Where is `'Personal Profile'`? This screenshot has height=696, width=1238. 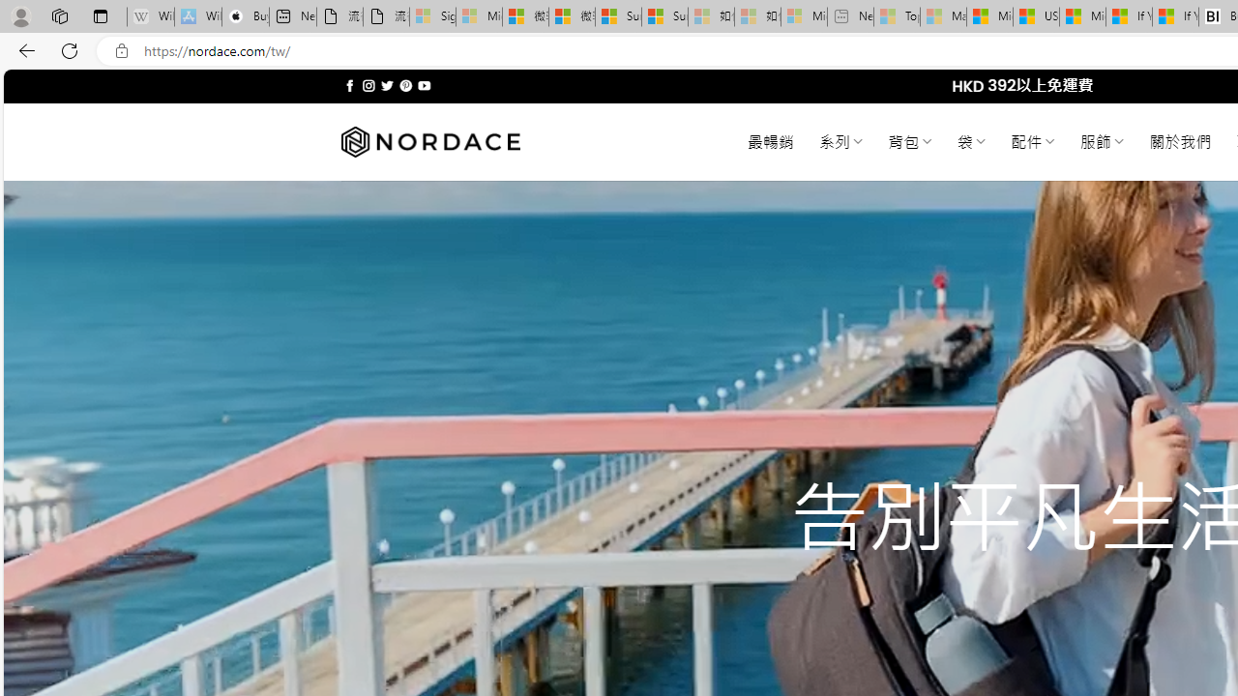 'Personal Profile' is located at coordinates (20, 15).